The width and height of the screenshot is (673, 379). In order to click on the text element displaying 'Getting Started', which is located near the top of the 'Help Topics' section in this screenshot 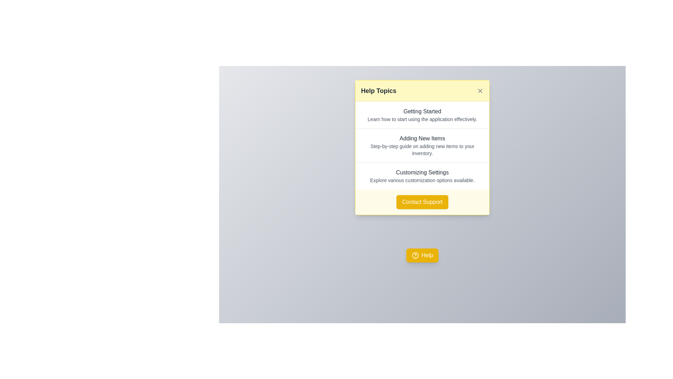, I will do `click(422, 111)`.